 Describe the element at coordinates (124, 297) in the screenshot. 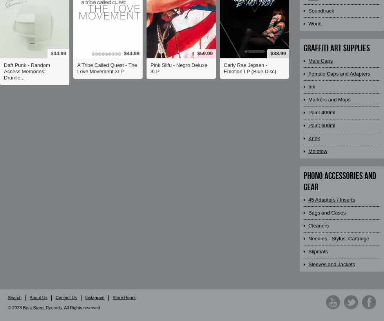

I see `'Store Hours'` at that location.